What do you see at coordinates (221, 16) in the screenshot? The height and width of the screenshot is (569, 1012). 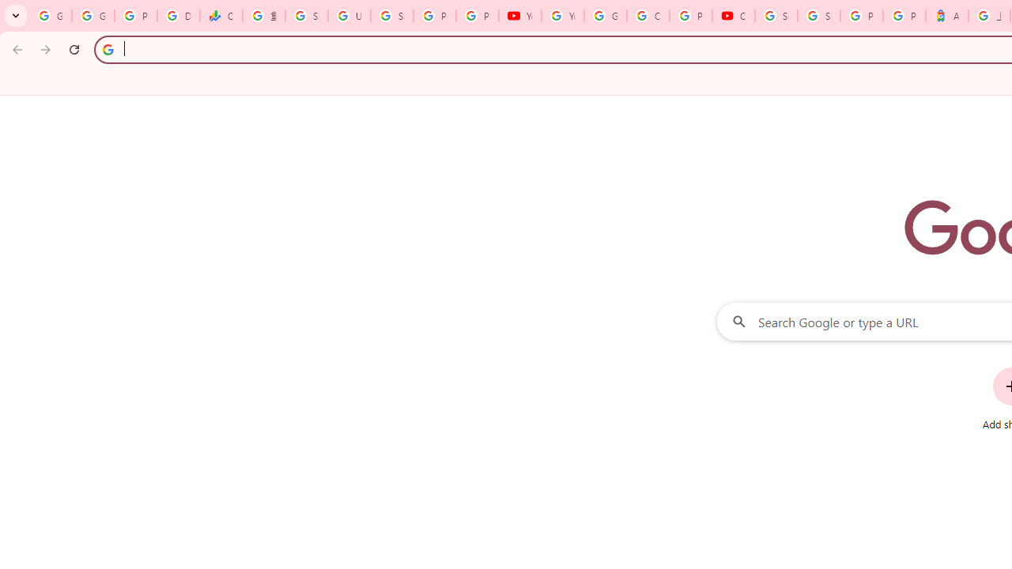 I see `'Currencies - Google Finance'` at bounding box center [221, 16].